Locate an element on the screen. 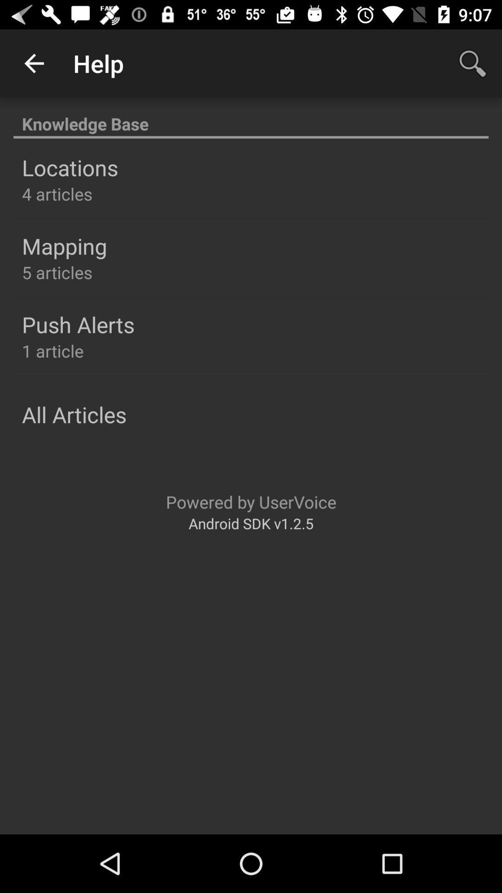 This screenshot has height=893, width=502. knowledge base icon is located at coordinates (251, 118).